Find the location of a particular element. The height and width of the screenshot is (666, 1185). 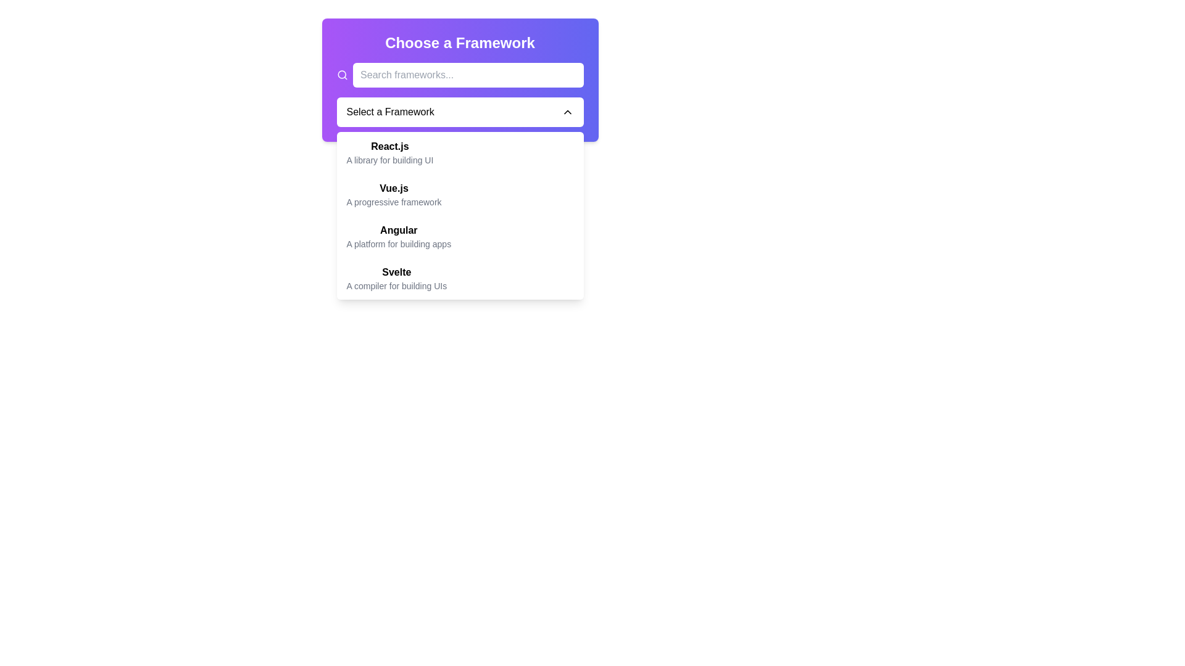

the list item labeled 'Angular' is located at coordinates (459, 237).